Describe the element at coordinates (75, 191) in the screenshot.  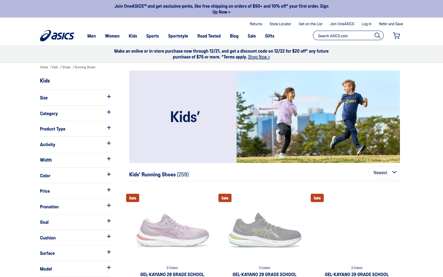
I see `Validate the price range for children"s shoes` at that location.